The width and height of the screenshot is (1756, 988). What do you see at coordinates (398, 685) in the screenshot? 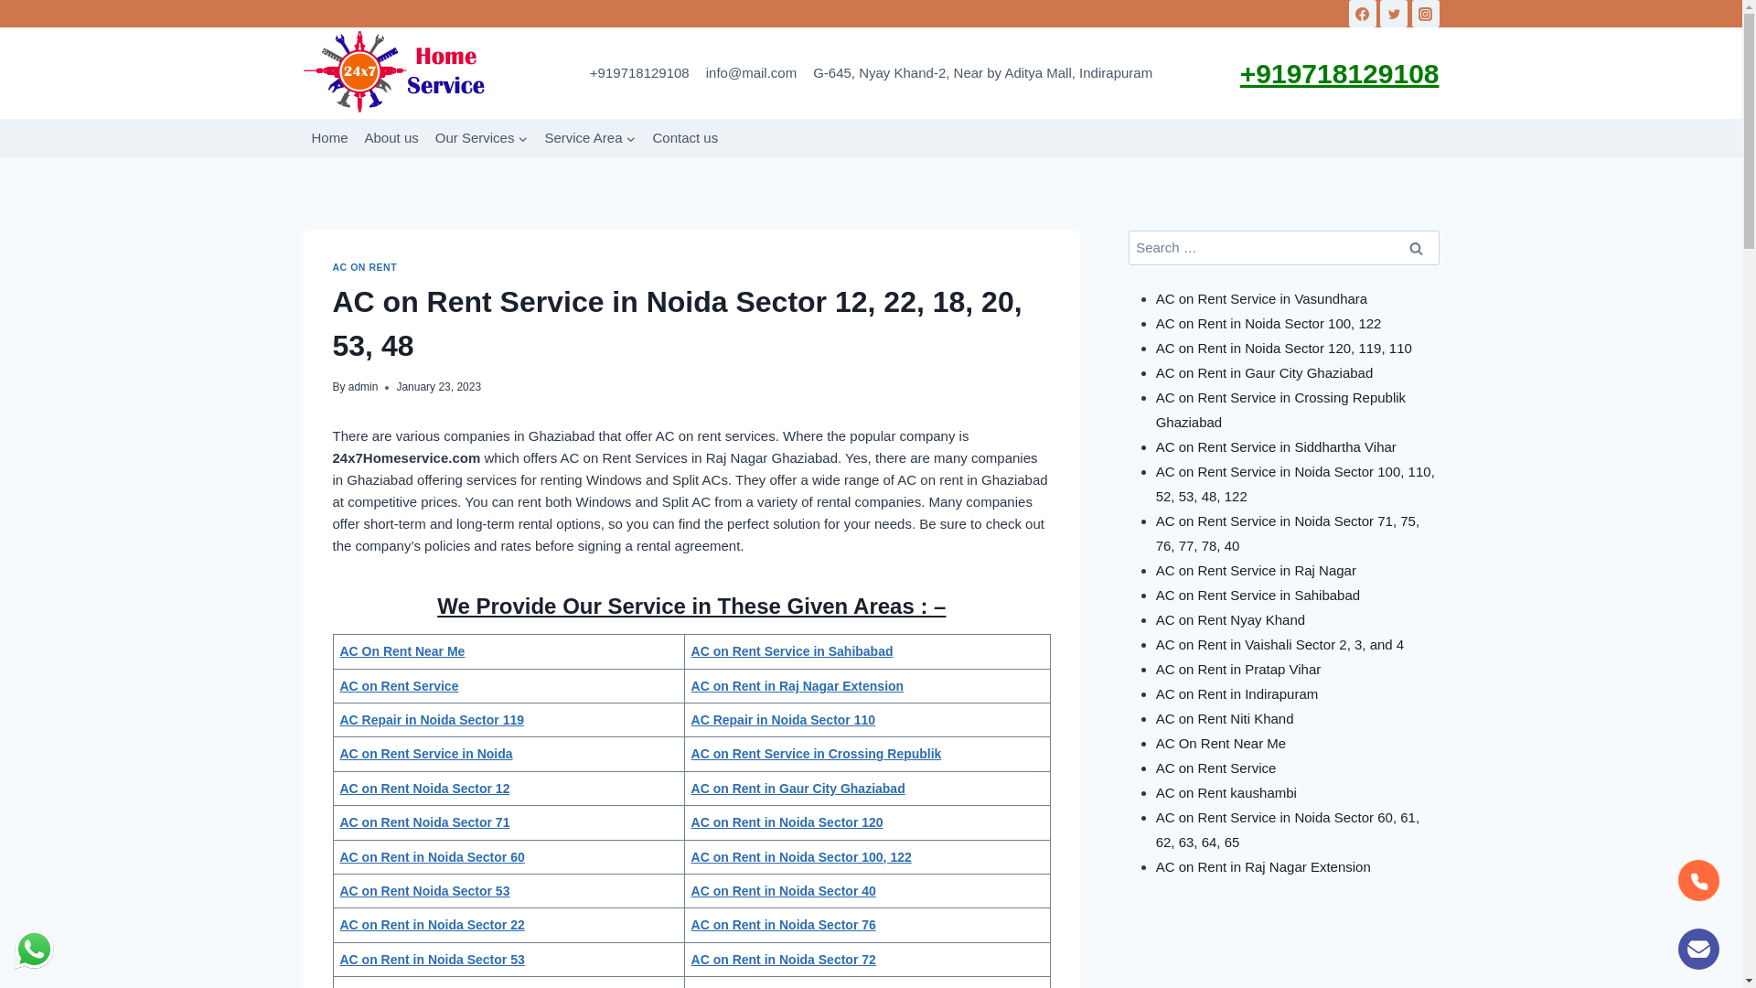
I see `'AC on Rent Service'` at bounding box center [398, 685].